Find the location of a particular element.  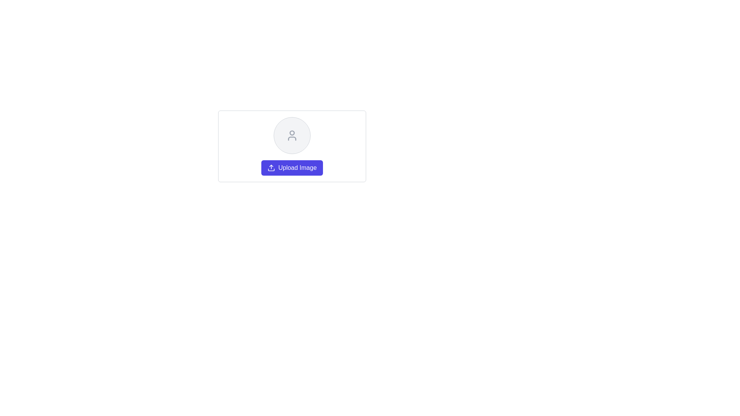

the Avatar Placeholder located at the top-center of the rectangular card, which serves as a default avatar for uploading a profile picture is located at coordinates (292, 135).